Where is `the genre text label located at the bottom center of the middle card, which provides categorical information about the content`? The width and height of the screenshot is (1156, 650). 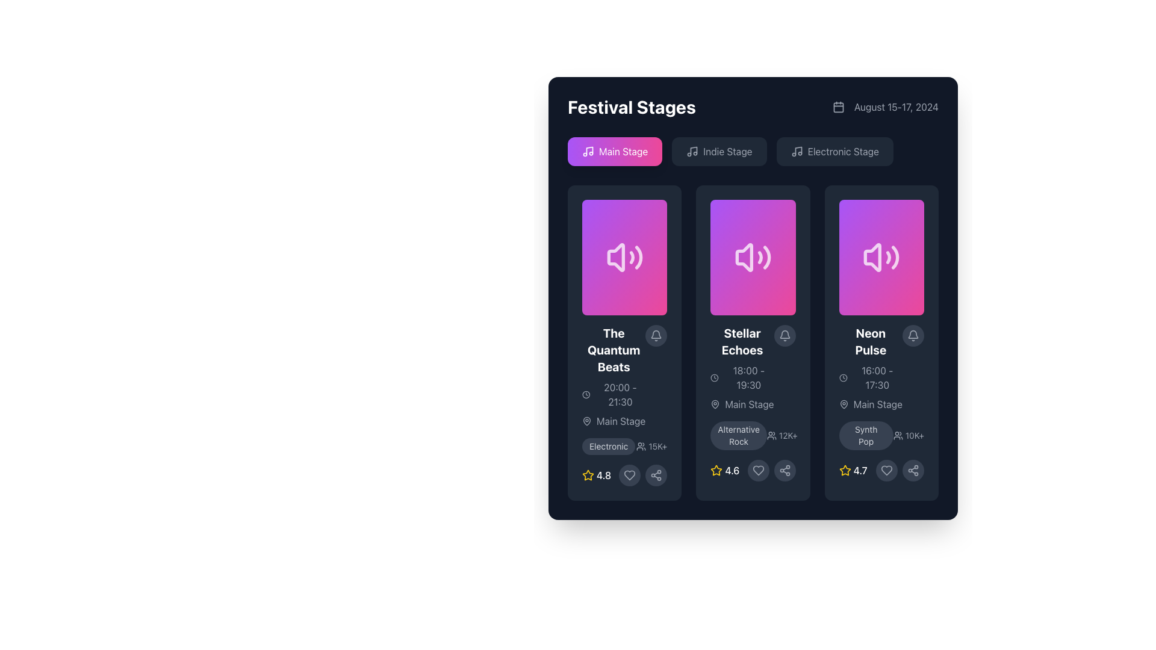
the genre text label located at the bottom center of the middle card, which provides categorical information about the content is located at coordinates (738, 436).